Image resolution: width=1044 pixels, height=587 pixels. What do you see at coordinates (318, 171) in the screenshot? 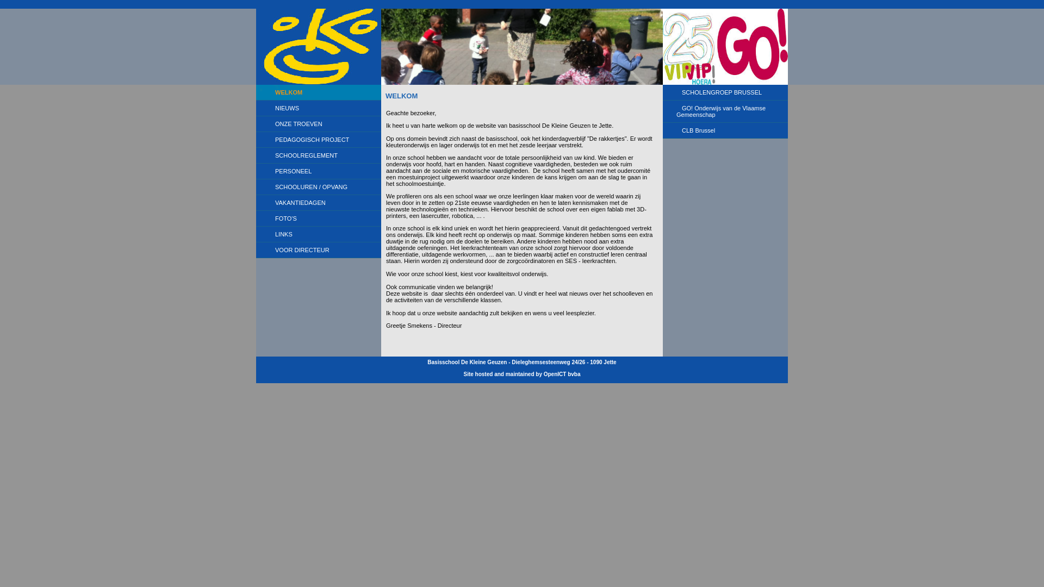
I see `'PERSONEEL'` at bounding box center [318, 171].